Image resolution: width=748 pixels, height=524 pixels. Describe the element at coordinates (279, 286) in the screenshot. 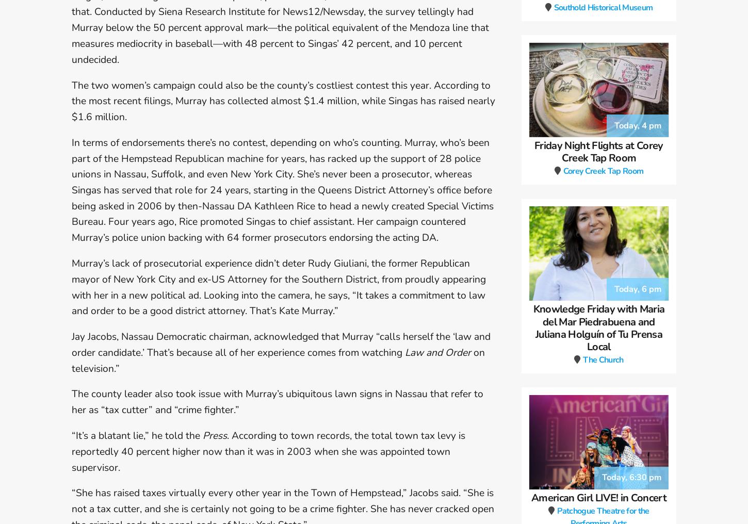

I see `'Murray’s lack of prosecutorial experience didn’t deter Rudy Giuliani, the former Republican mayor of New York City and ex-US Attorney for the Southern District, from proudly appearing with her in a new political ad. Looking into the camera, he says, “It takes a commitment to law and order to be a good district attorney. That’s Kate Murray.”'` at that location.